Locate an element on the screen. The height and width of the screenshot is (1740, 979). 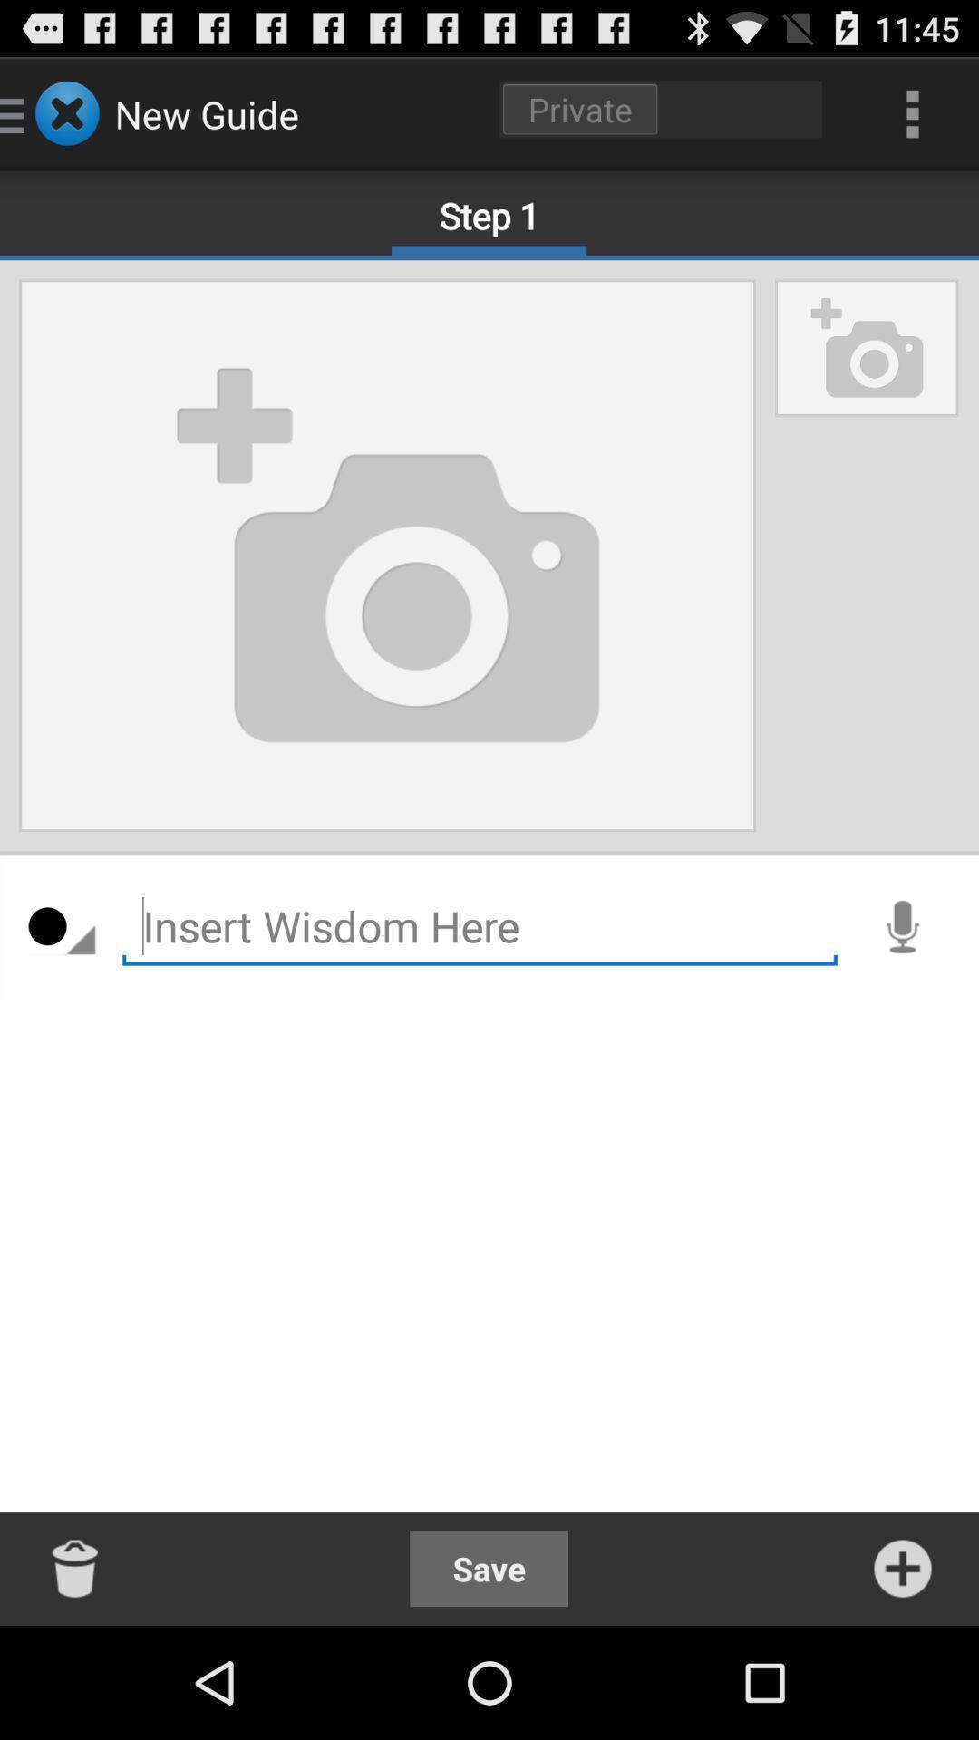
the item on the left is located at coordinates (61, 926).